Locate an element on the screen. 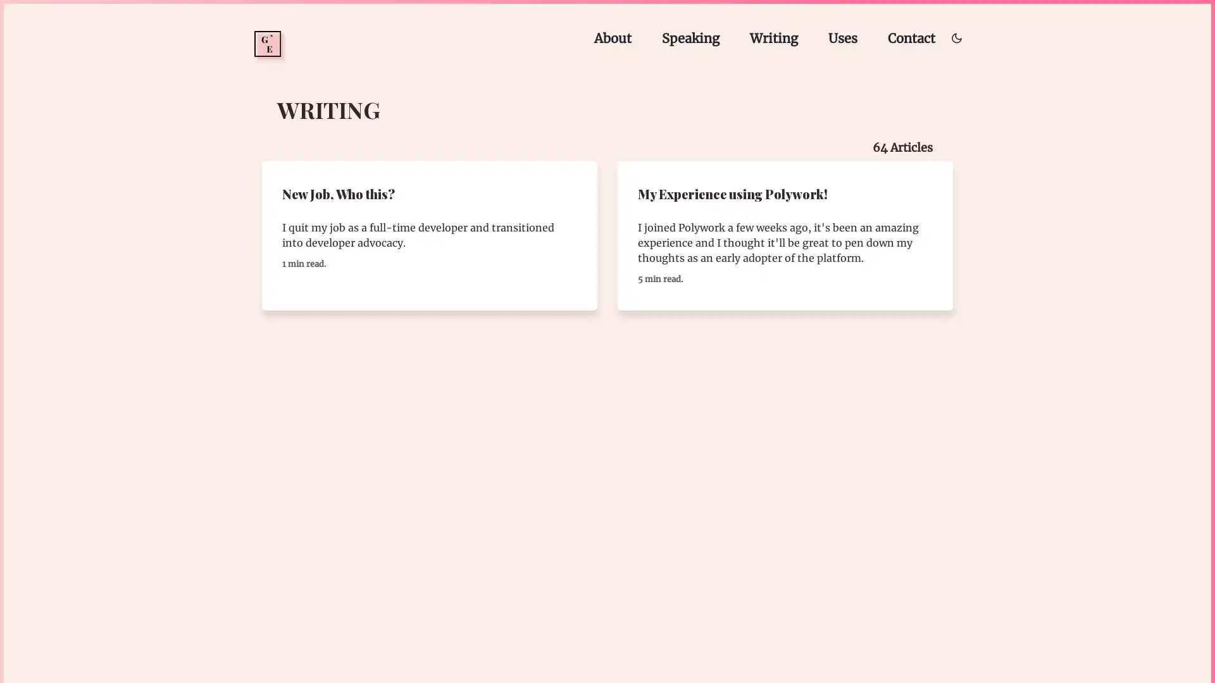  Toggle dark/light is located at coordinates (957, 35).